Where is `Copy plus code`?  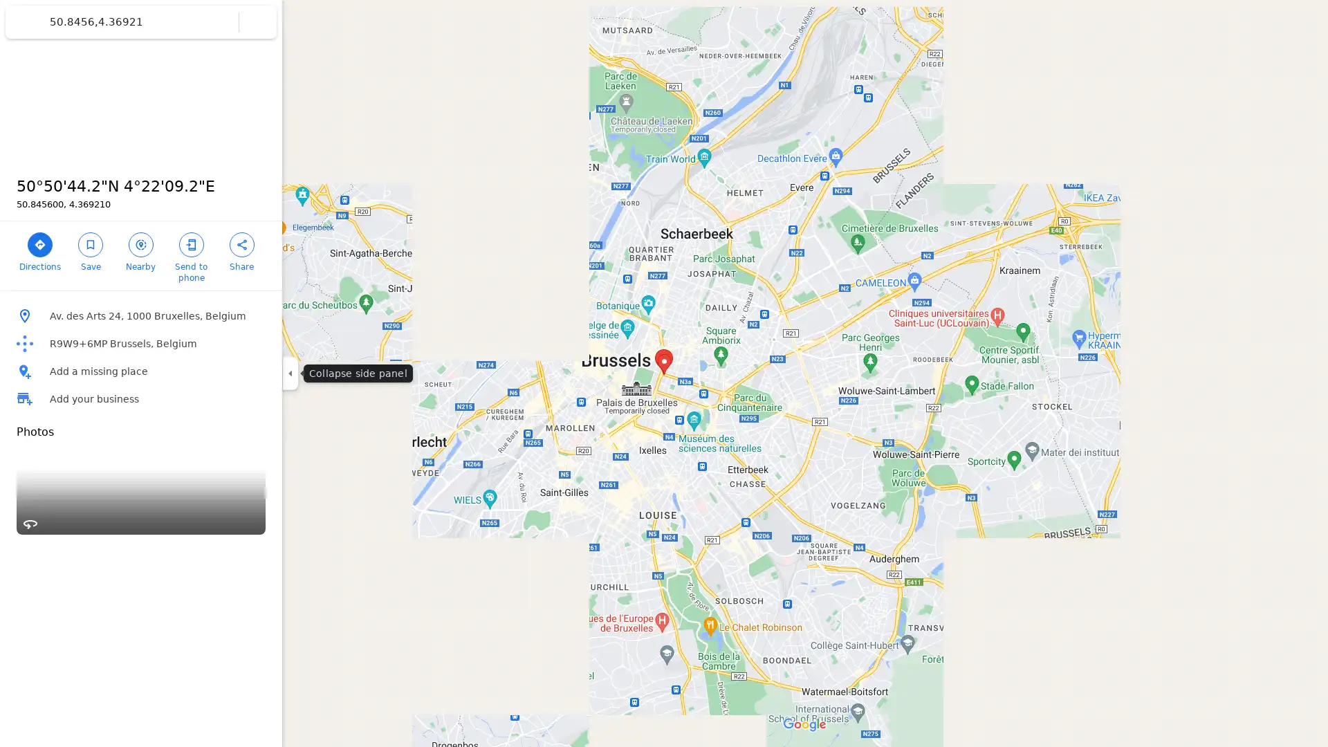 Copy plus code is located at coordinates (228, 343).